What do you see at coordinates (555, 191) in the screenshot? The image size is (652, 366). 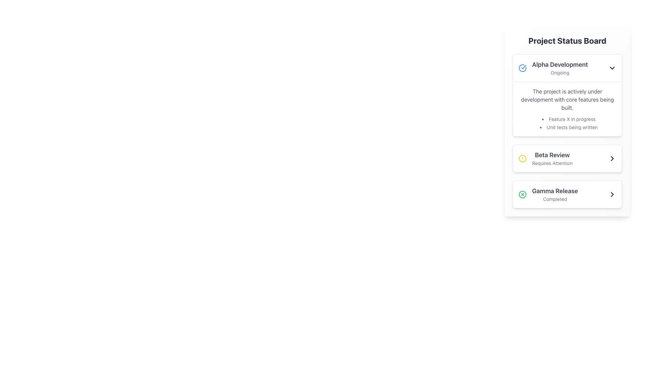 I see `the Text Label indicating the 'Gamma Release' section, which is located in the third card of the 'Project Status Board' interface at the top of the card, aligned horizontally with the indicator icon` at bounding box center [555, 191].